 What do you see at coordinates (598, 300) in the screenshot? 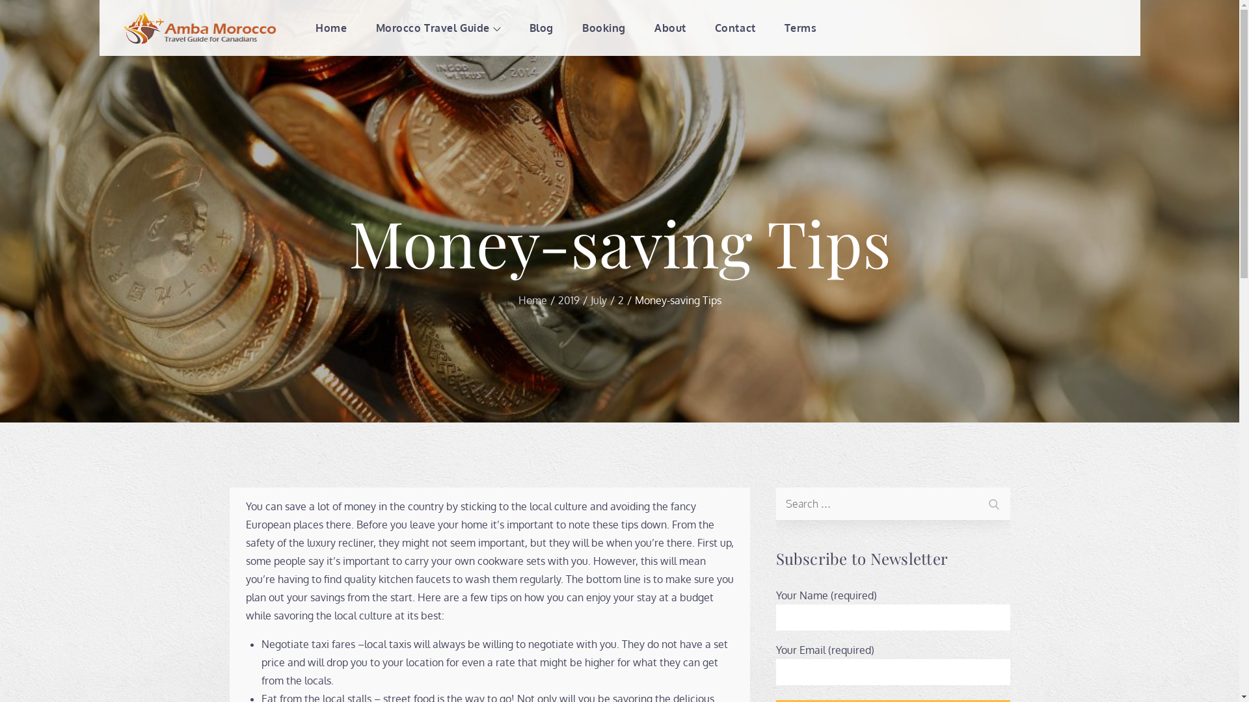
I see `'July'` at bounding box center [598, 300].